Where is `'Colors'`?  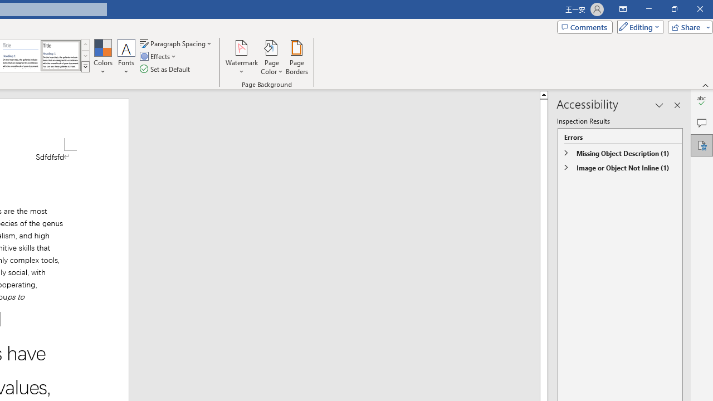
'Colors' is located at coordinates (102, 57).